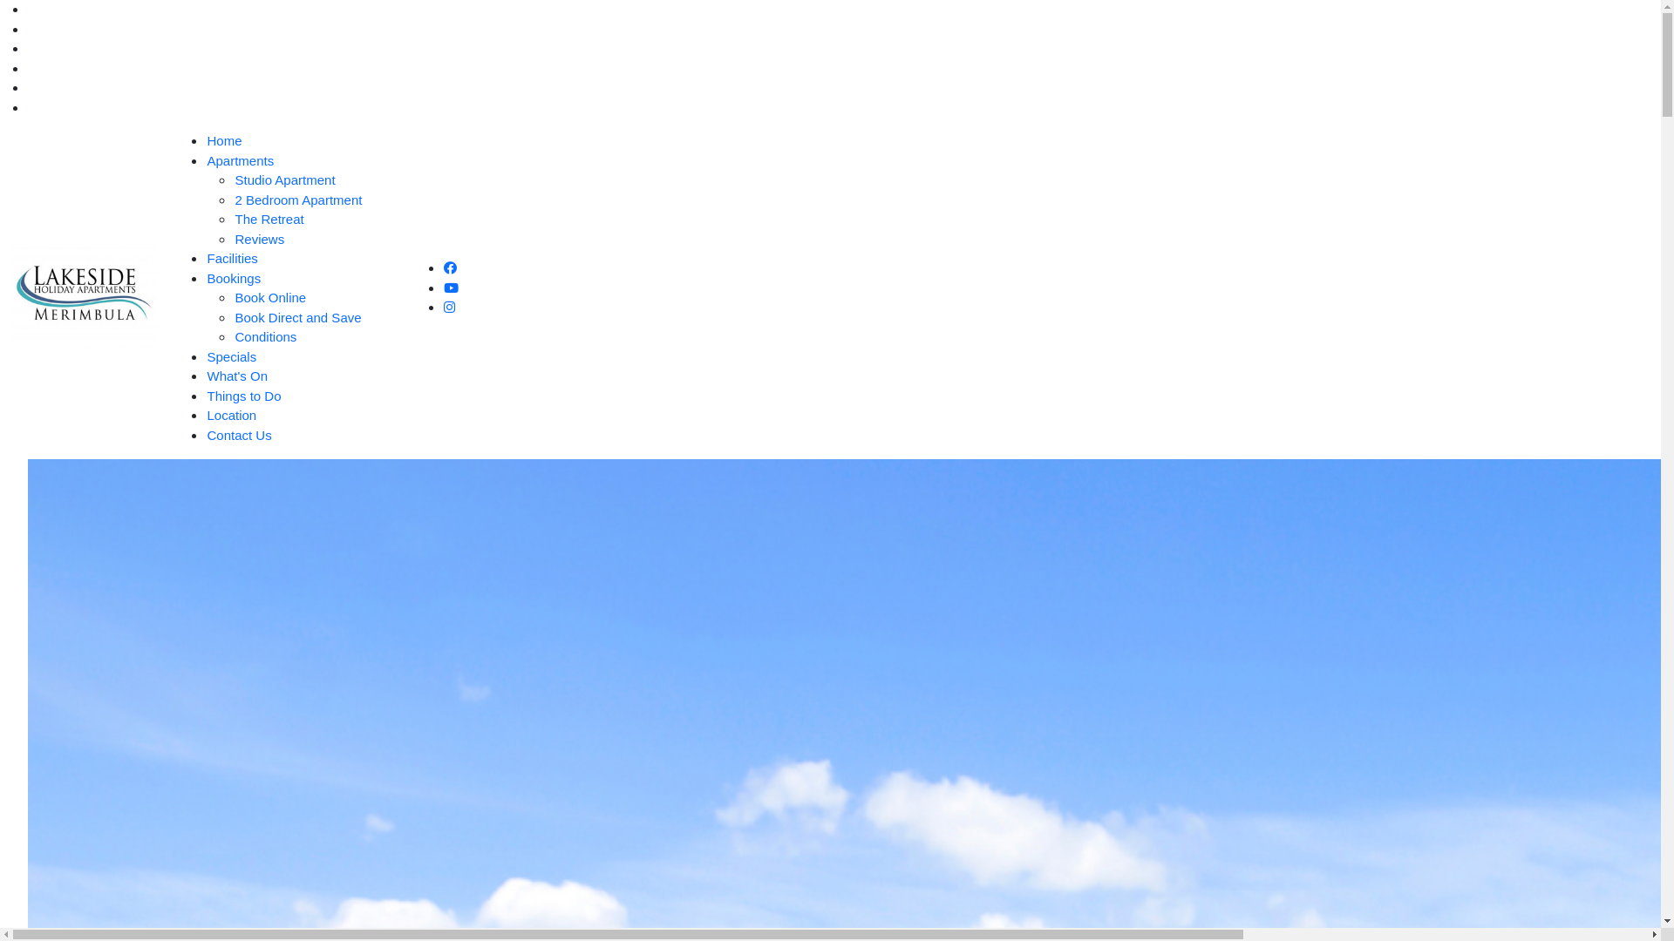 Image resolution: width=1674 pixels, height=941 pixels. What do you see at coordinates (264, 336) in the screenshot?
I see `'Conditions'` at bounding box center [264, 336].